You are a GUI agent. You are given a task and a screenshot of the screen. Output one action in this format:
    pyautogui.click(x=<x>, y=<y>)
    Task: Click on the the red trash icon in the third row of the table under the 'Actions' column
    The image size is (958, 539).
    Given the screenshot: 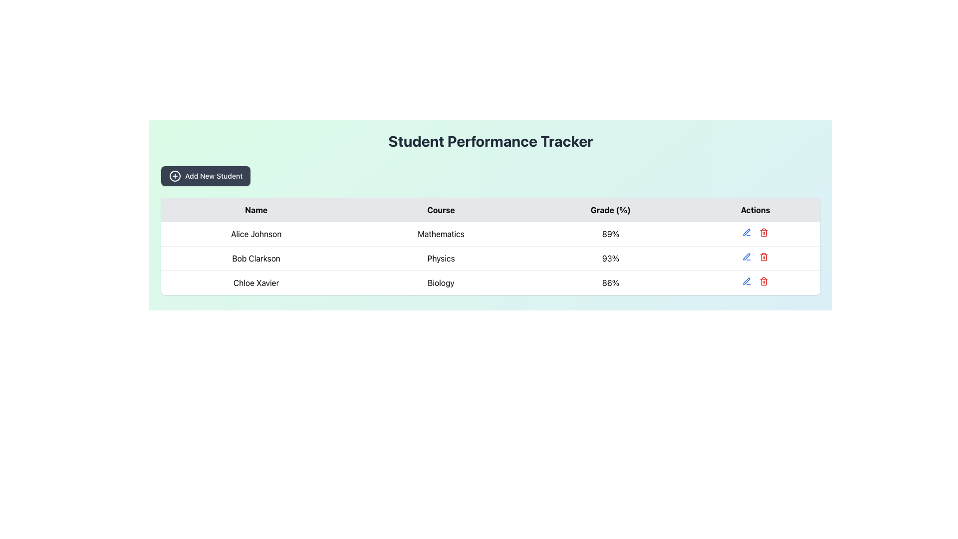 What is the action you would take?
    pyautogui.click(x=763, y=257)
    